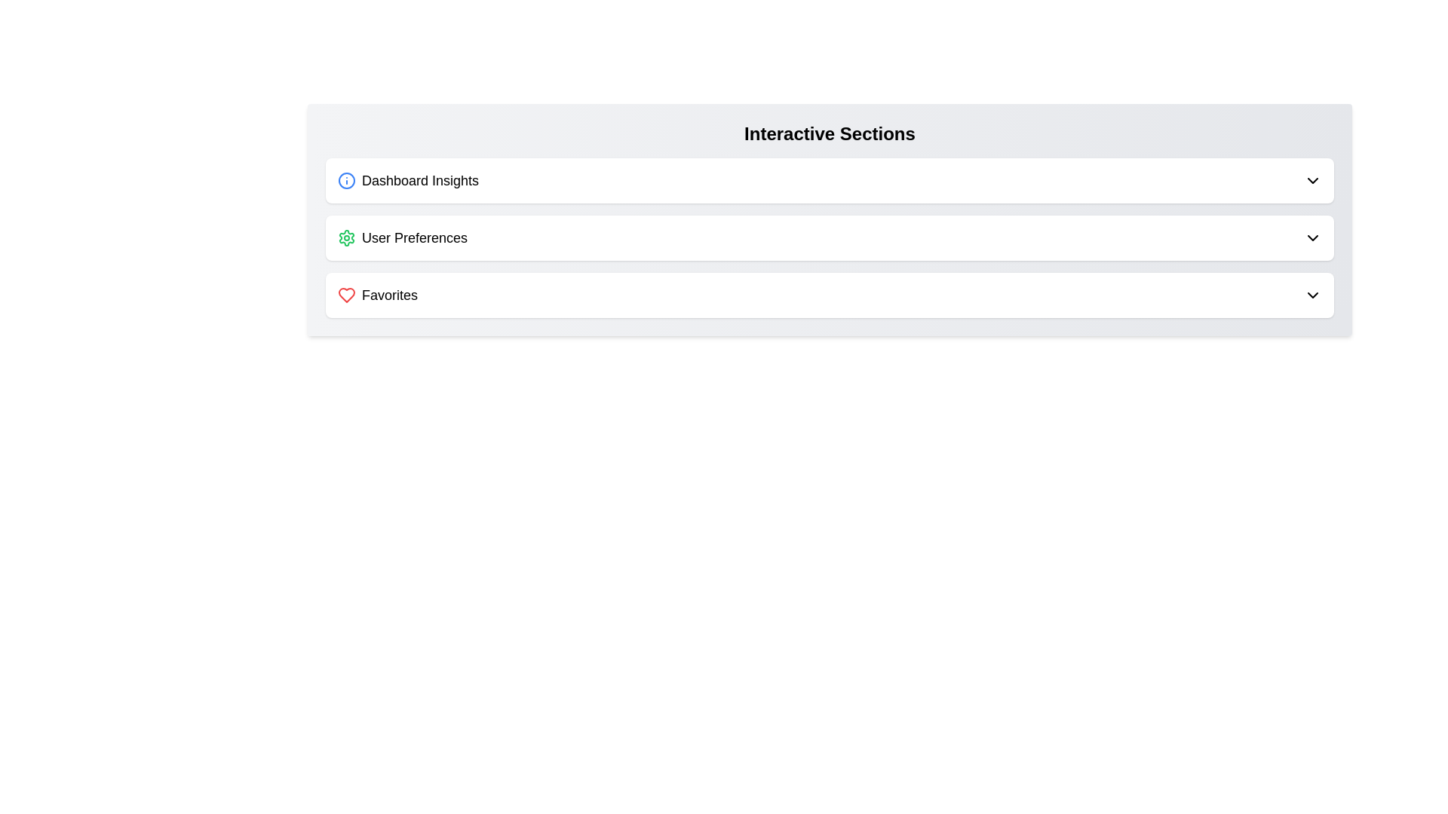 This screenshot has height=814, width=1448. I want to click on the cog-shaped icon in the 'User Preferences' section that indicates settings, so click(346, 237).